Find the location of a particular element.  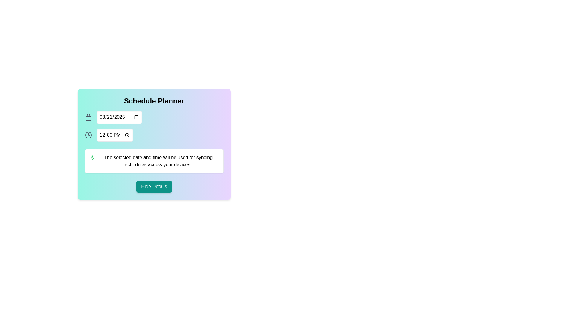

the button with a teal background and white text that reads 'Hide Details' to observe the hover effect is located at coordinates (154, 186).